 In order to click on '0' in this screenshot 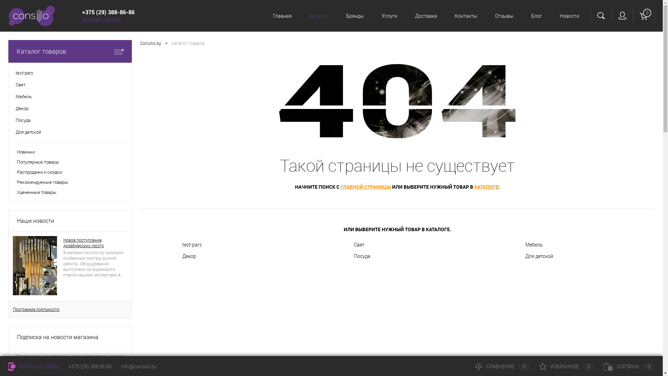, I will do `click(643, 16)`.